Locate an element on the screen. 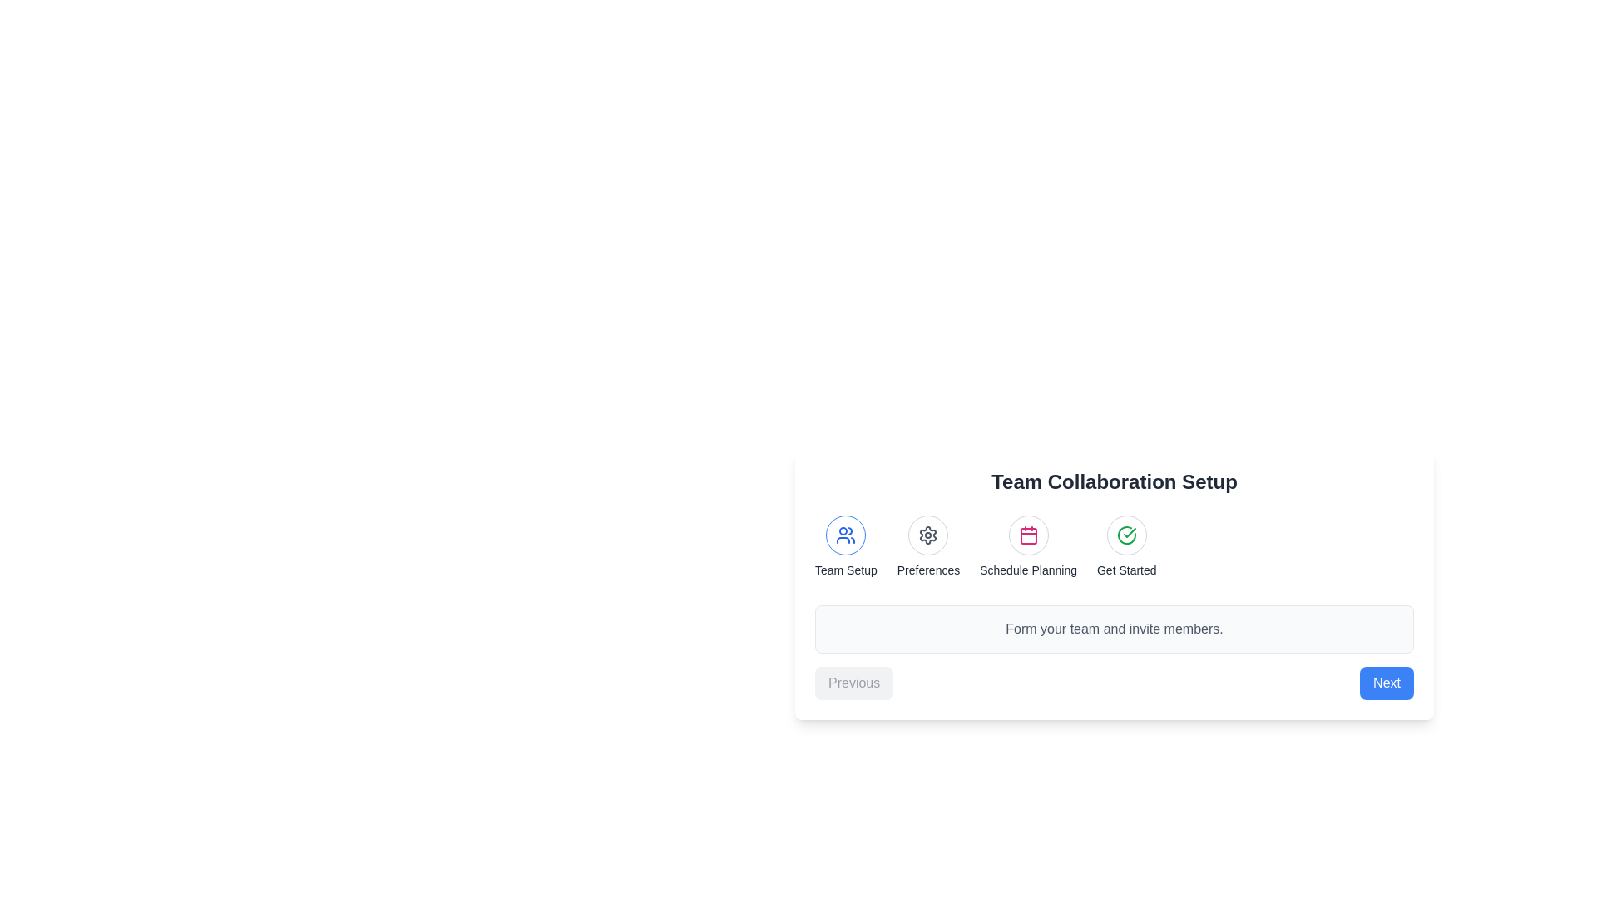 The image size is (1597, 898). the Get Started button is located at coordinates (1114, 583).